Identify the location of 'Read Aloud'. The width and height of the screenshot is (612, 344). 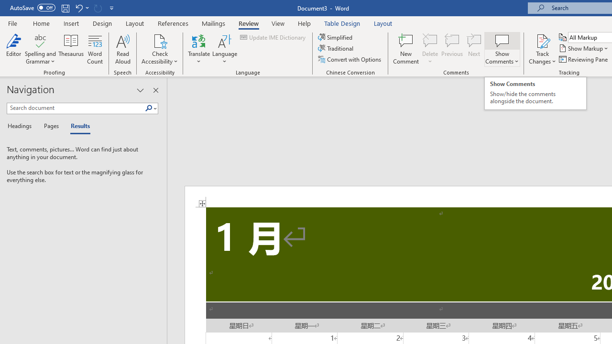
(122, 49).